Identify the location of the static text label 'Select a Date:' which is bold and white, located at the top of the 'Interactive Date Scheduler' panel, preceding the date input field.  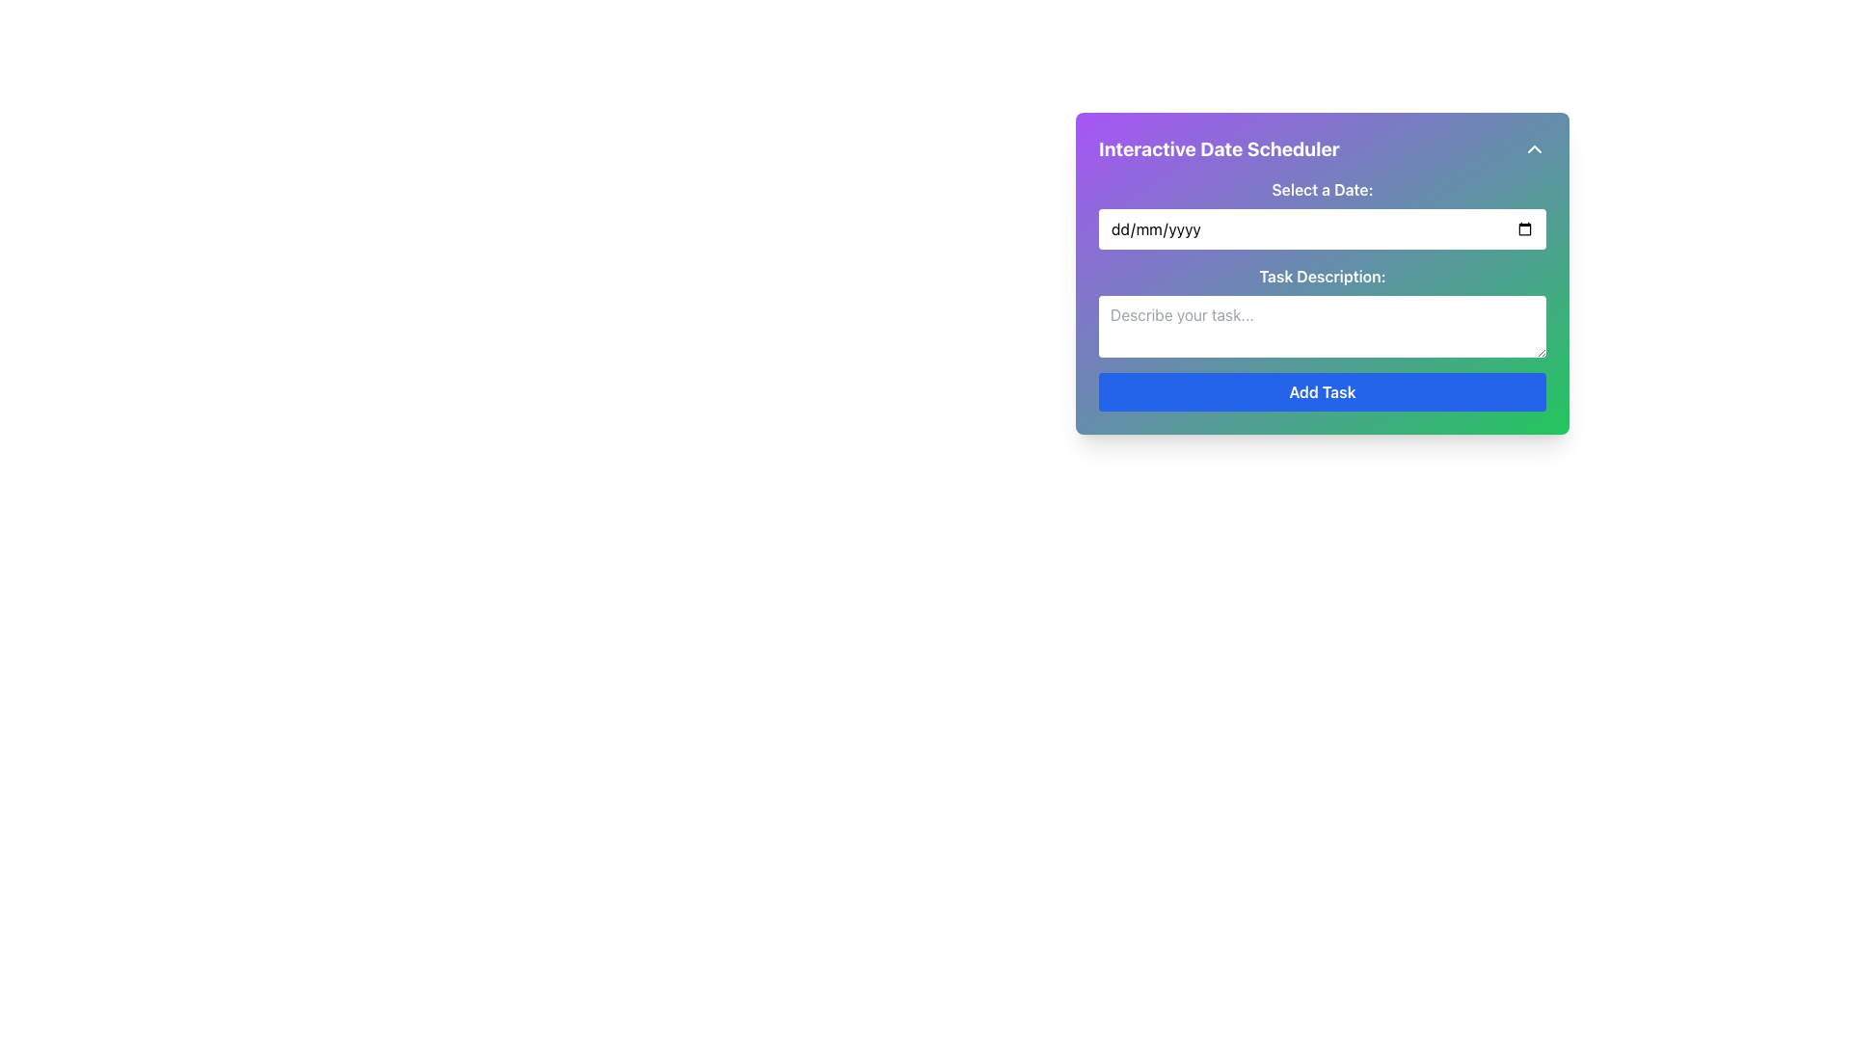
(1322, 189).